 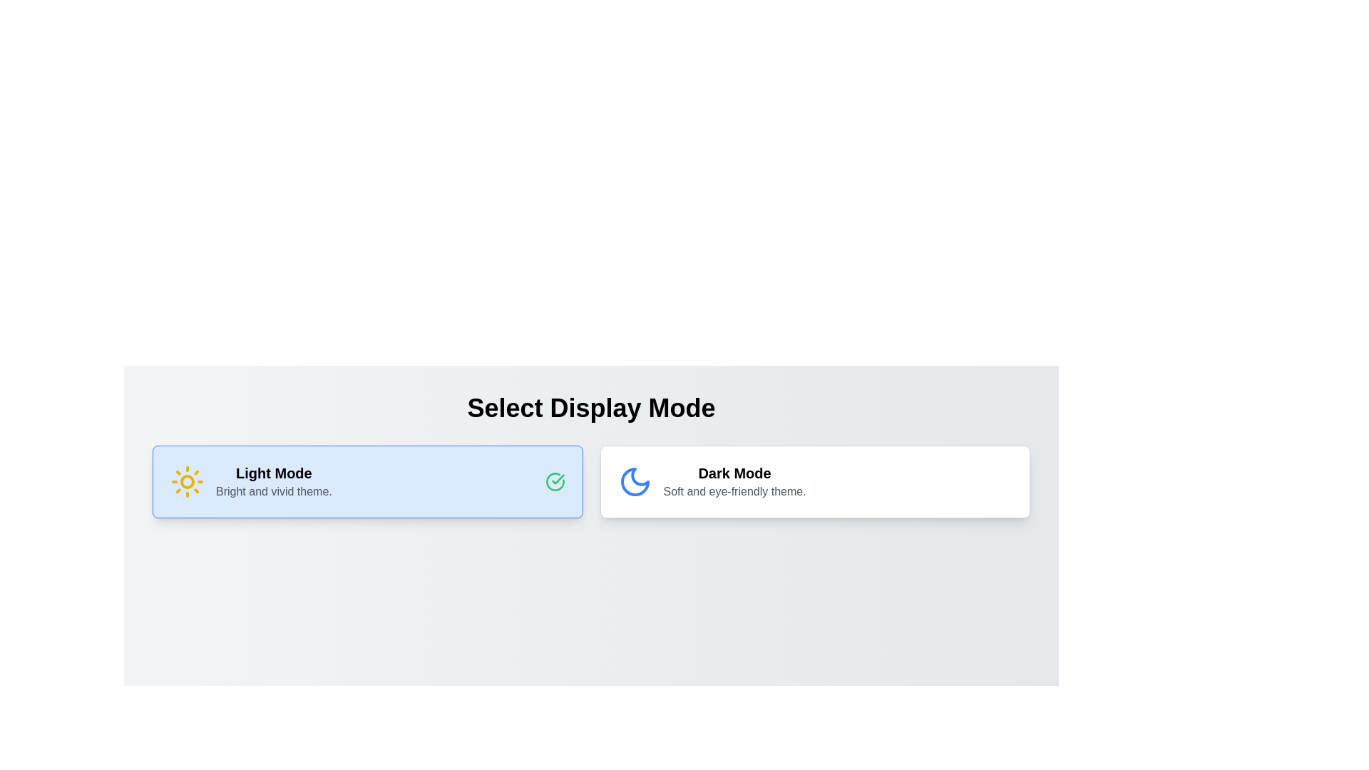 I want to click on the Text Label displaying 'Dark Mode' with the subtitle 'Soft and eye-friendly theme.' located in the center-right side of the interface, so click(x=734, y=481).